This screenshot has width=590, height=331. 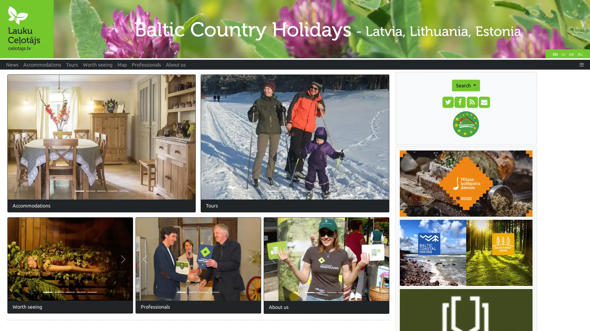 I want to click on Previous, so click(x=22, y=136).